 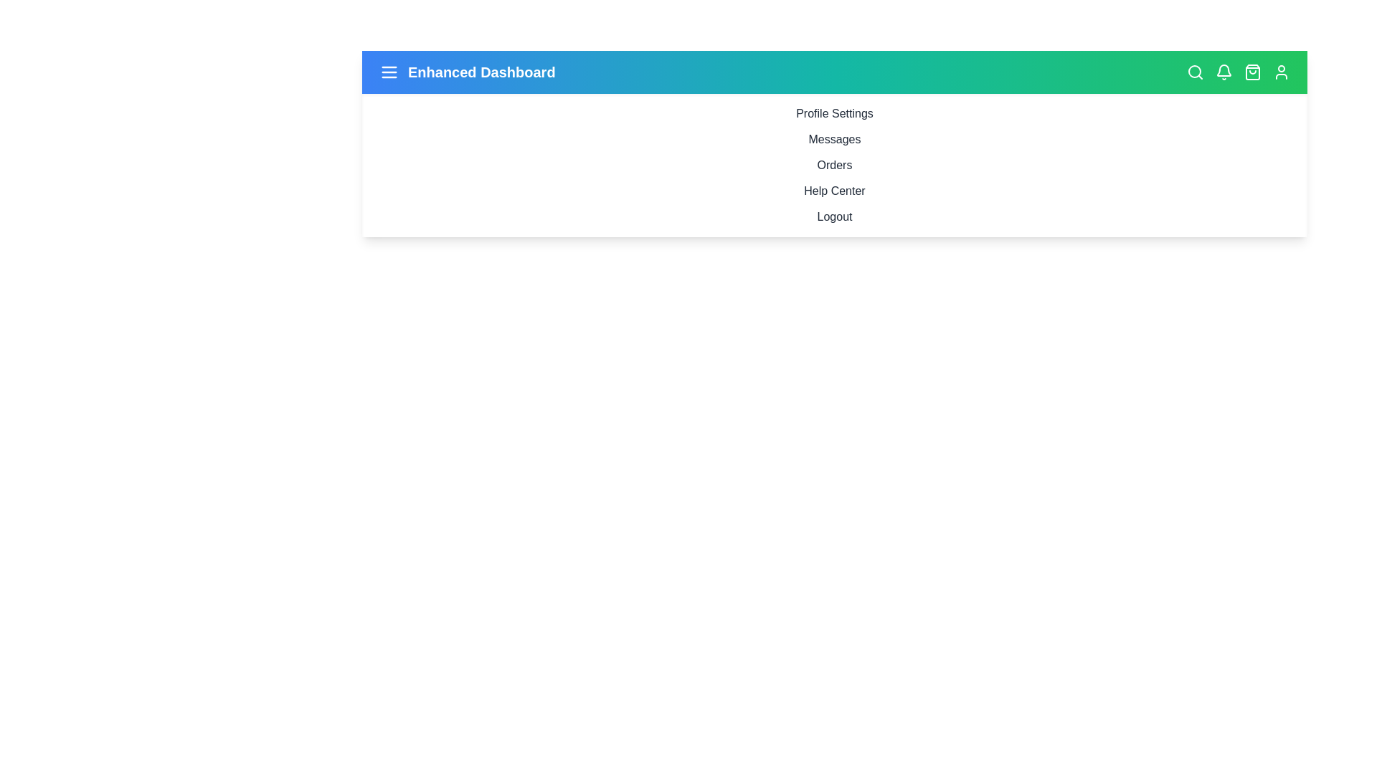 I want to click on the sidebar menu item Logout, so click(x=834, y=217).